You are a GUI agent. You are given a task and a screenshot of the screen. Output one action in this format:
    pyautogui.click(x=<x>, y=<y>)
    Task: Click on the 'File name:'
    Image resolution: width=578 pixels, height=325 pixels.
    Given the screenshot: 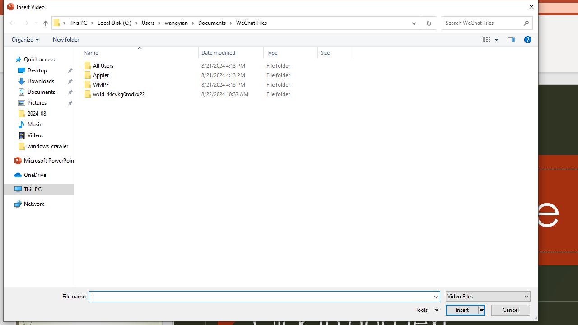 What is the action you would take?
    pyautogui.click(x=260, y=297)
    